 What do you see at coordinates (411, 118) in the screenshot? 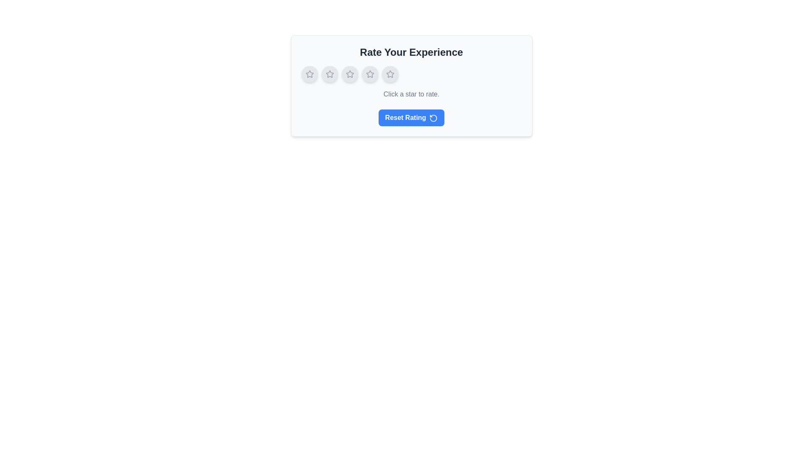
I see `the 'Reset Rating' button, which is a rectangular button with a blue background and white text, located at the bottom of the 'Rate Your Experience' card layout` at bounding box center [411, 118].